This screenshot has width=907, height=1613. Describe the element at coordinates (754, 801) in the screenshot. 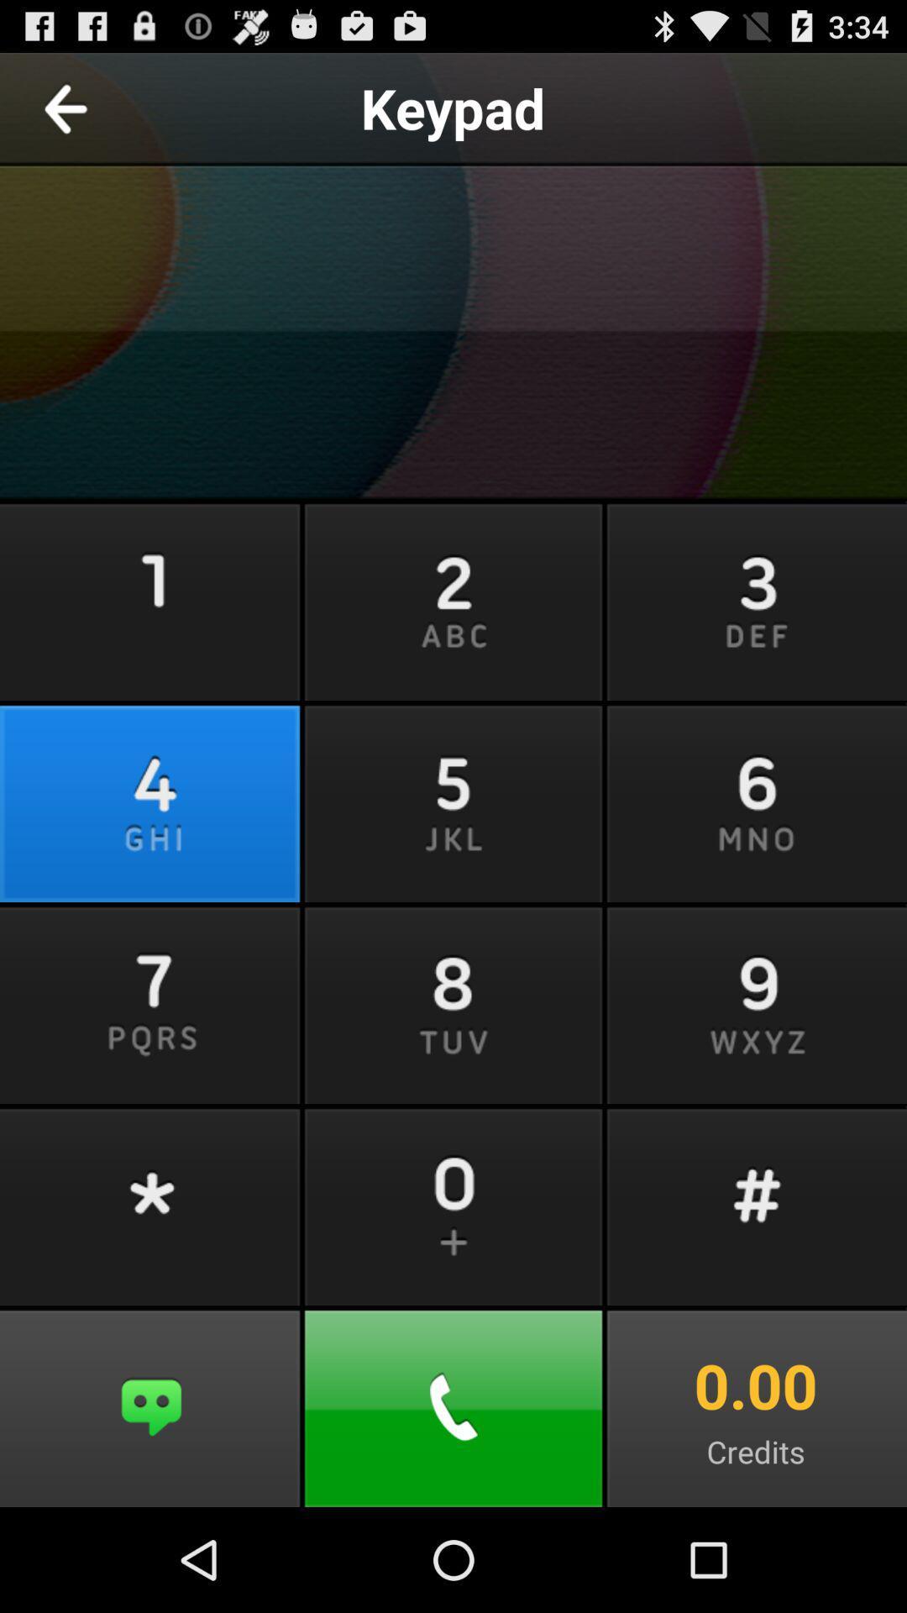

I see `number which is below 3` at that location.